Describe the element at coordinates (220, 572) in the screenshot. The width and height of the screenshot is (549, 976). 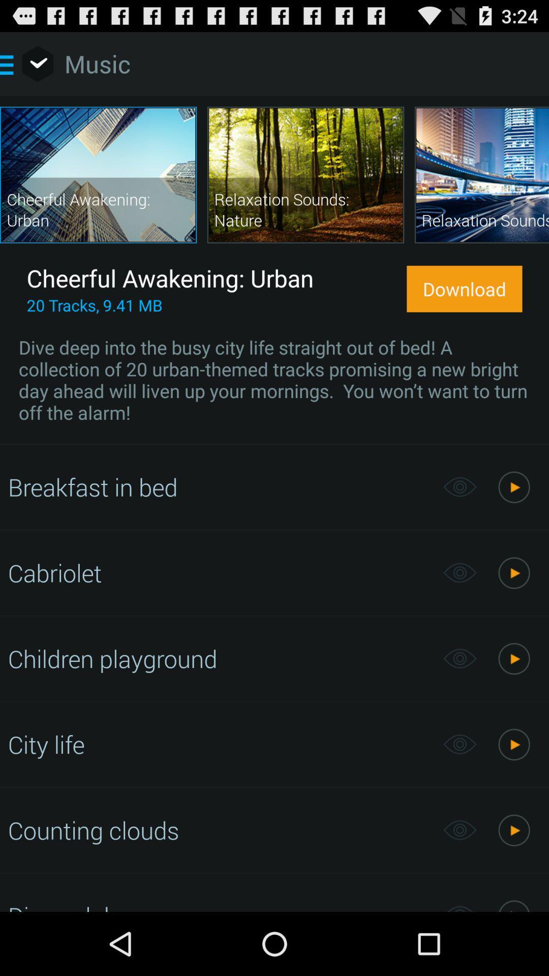
I see `the cabriolet app` at that location.